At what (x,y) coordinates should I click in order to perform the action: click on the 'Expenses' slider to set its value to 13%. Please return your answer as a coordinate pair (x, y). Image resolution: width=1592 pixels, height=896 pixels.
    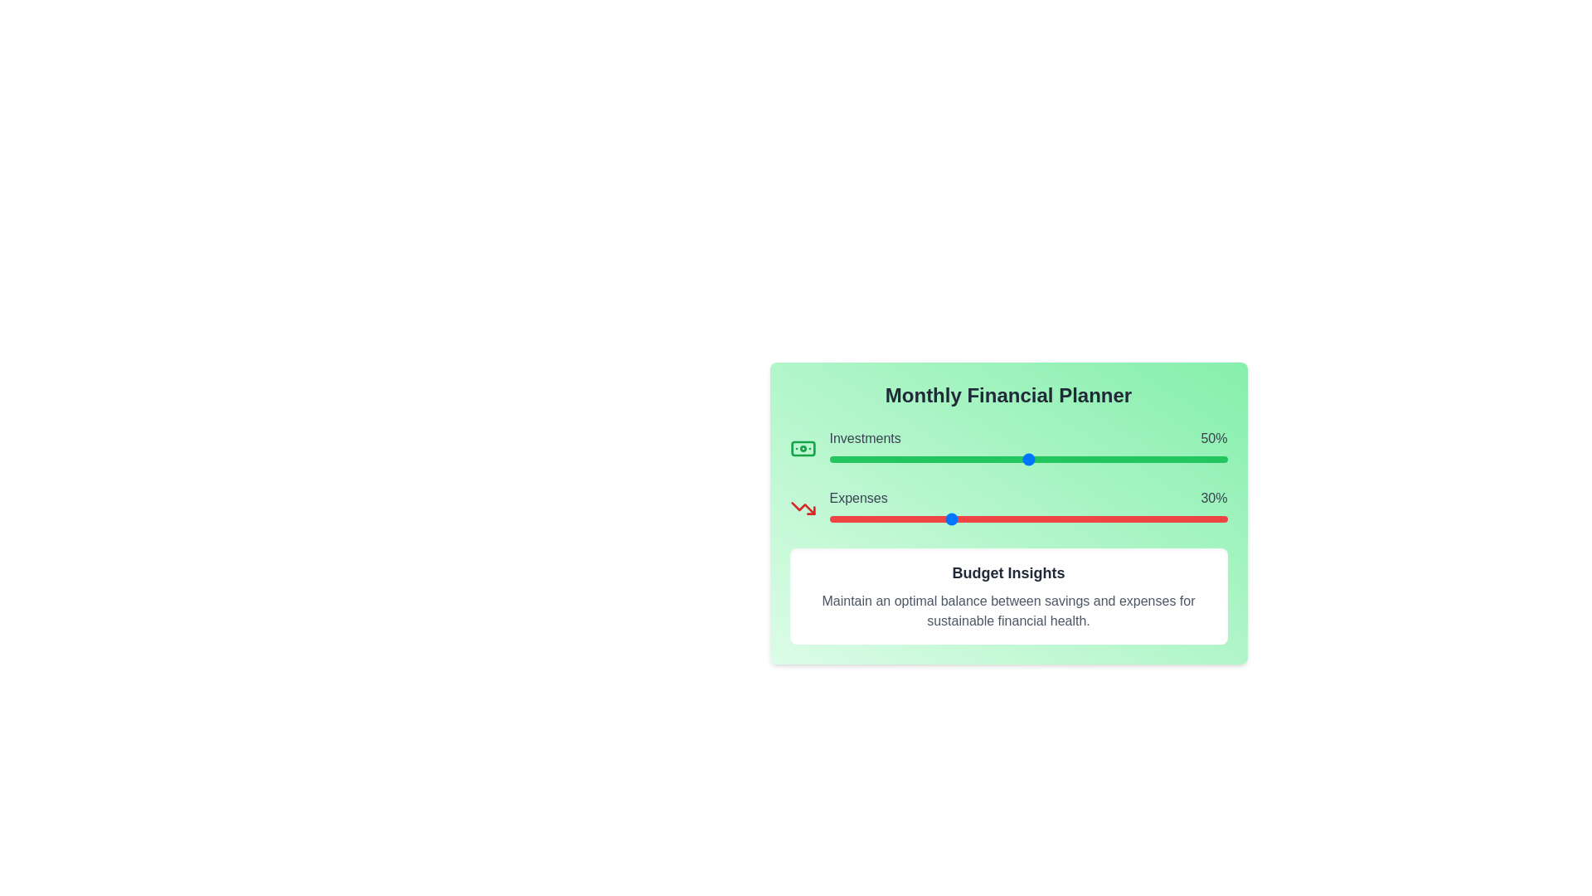
    Looking at the image, I should click on (880, 518).